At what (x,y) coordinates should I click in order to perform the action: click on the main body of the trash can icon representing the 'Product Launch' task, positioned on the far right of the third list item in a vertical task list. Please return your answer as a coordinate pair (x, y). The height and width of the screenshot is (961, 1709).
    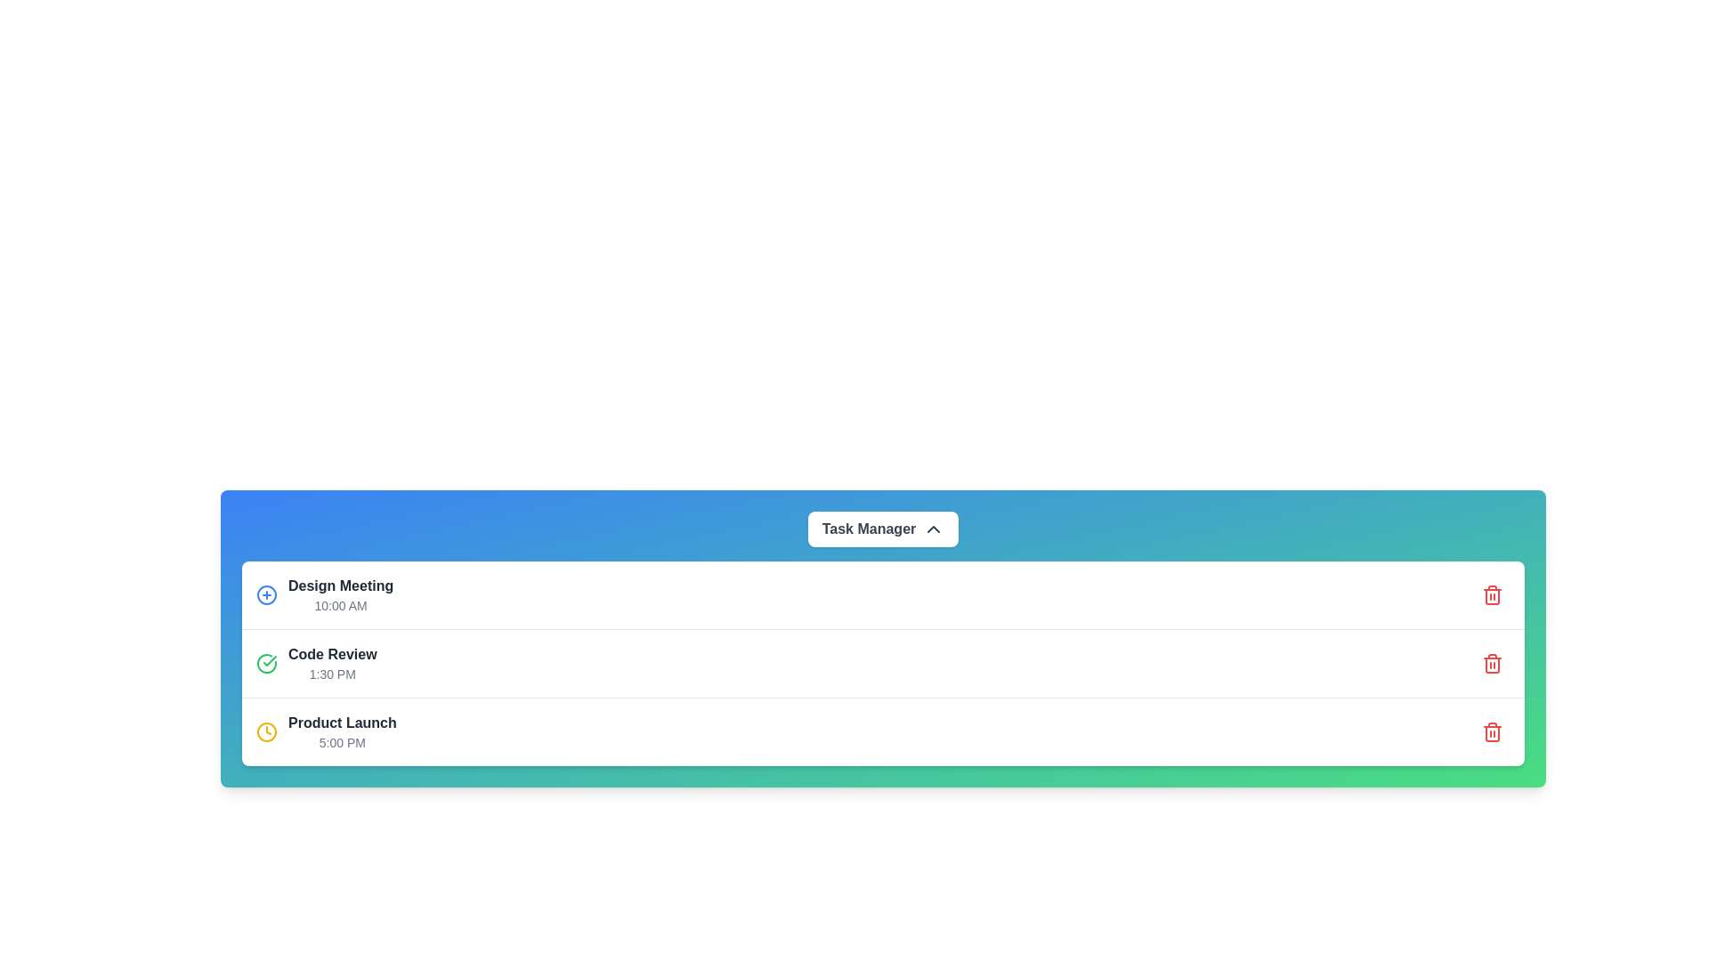
    Looking at the image, I should click on (1492, 666).